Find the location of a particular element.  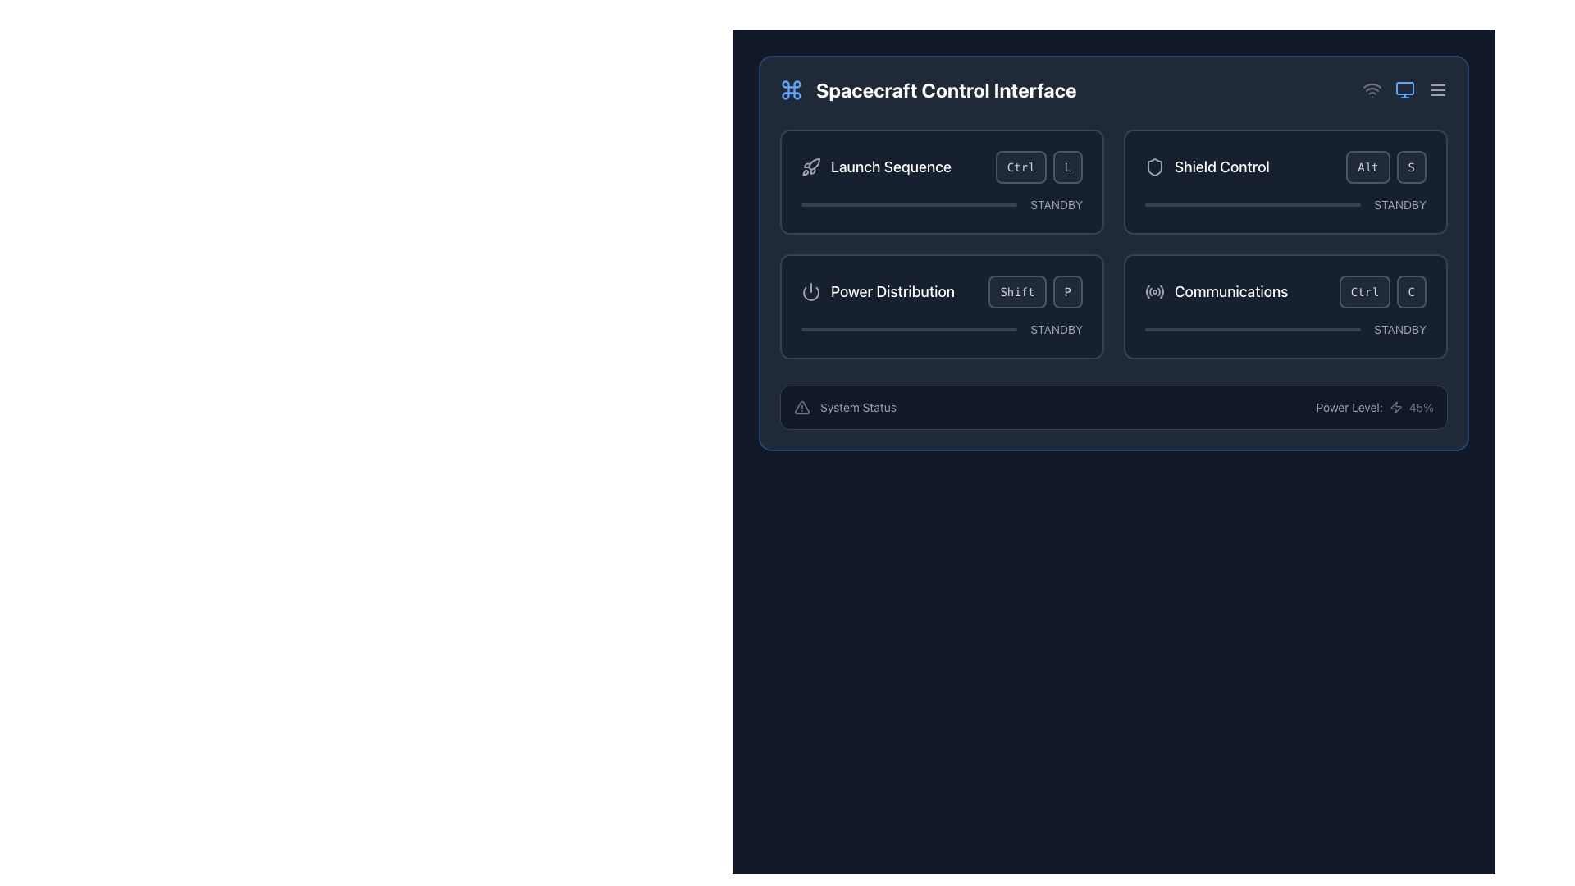

the Text with icon related to power distribution in the Spacecraft Control Interface is located at coordinates (877, 290).